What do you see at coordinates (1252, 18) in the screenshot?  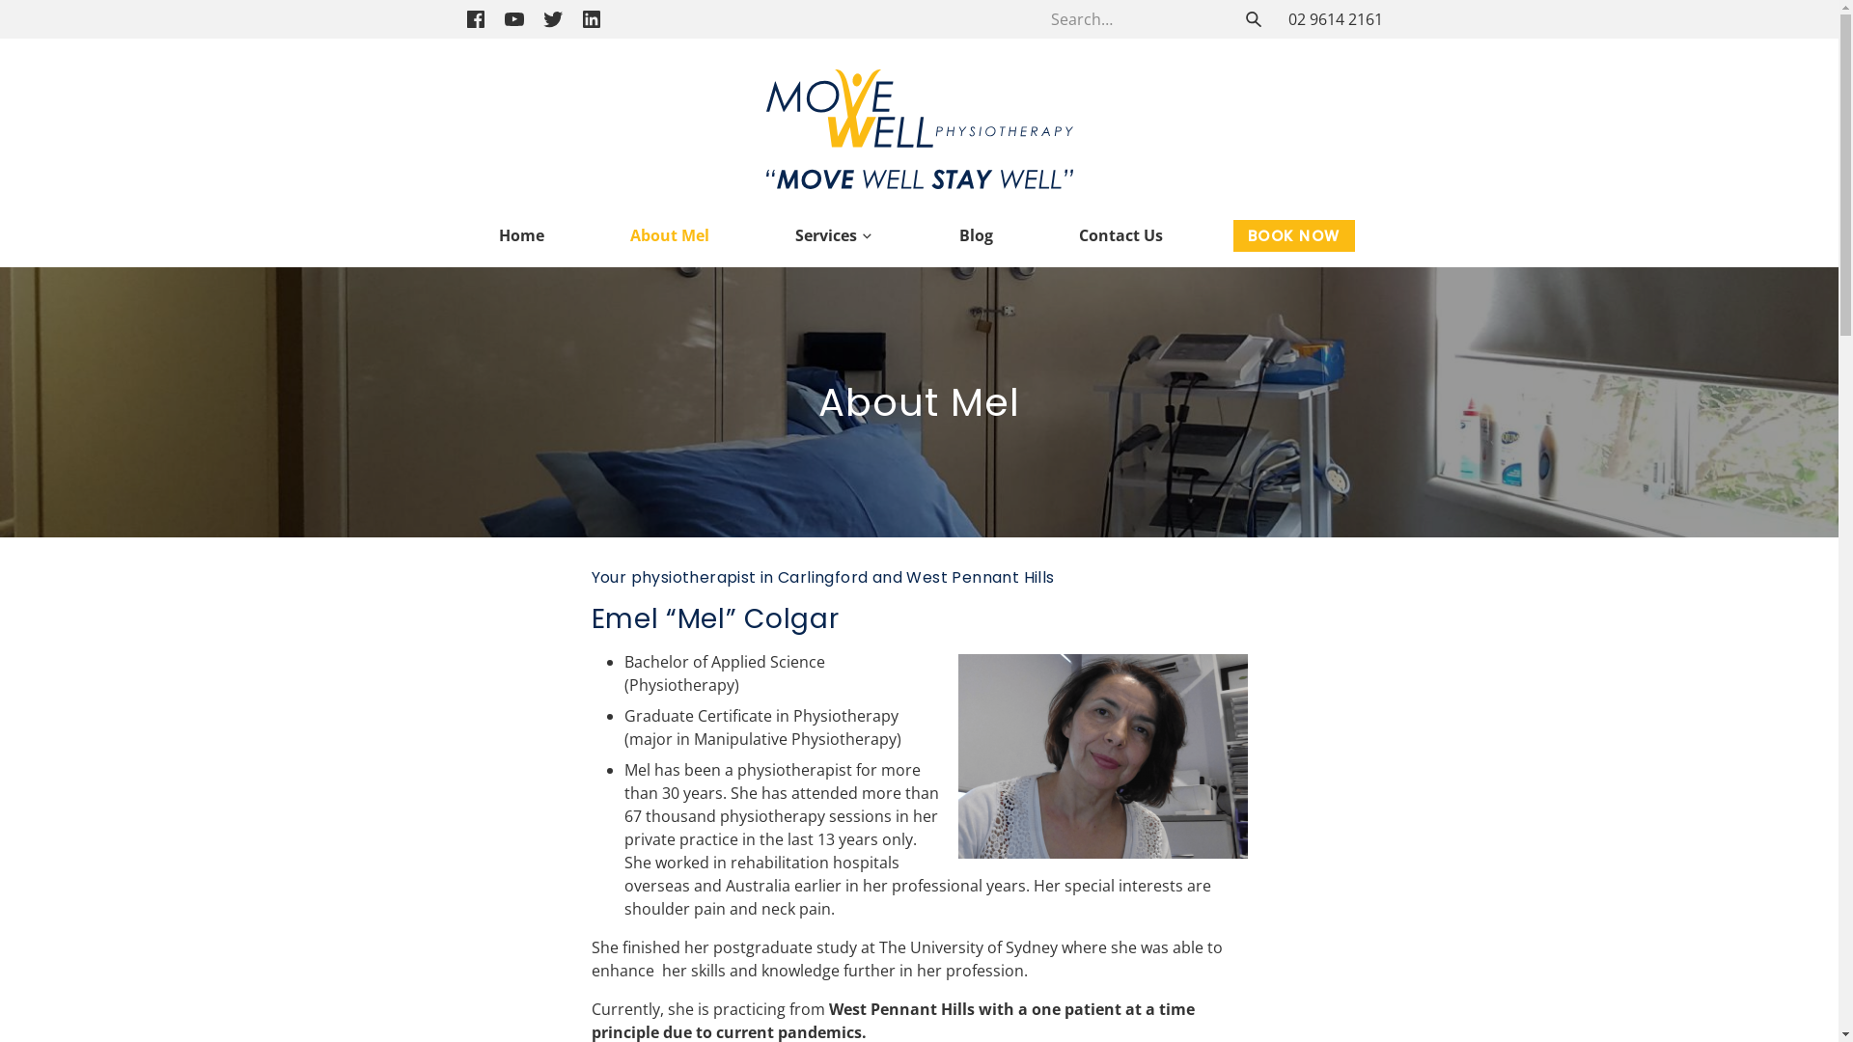 I see `'Search'` at bounding box center [1252, 18].